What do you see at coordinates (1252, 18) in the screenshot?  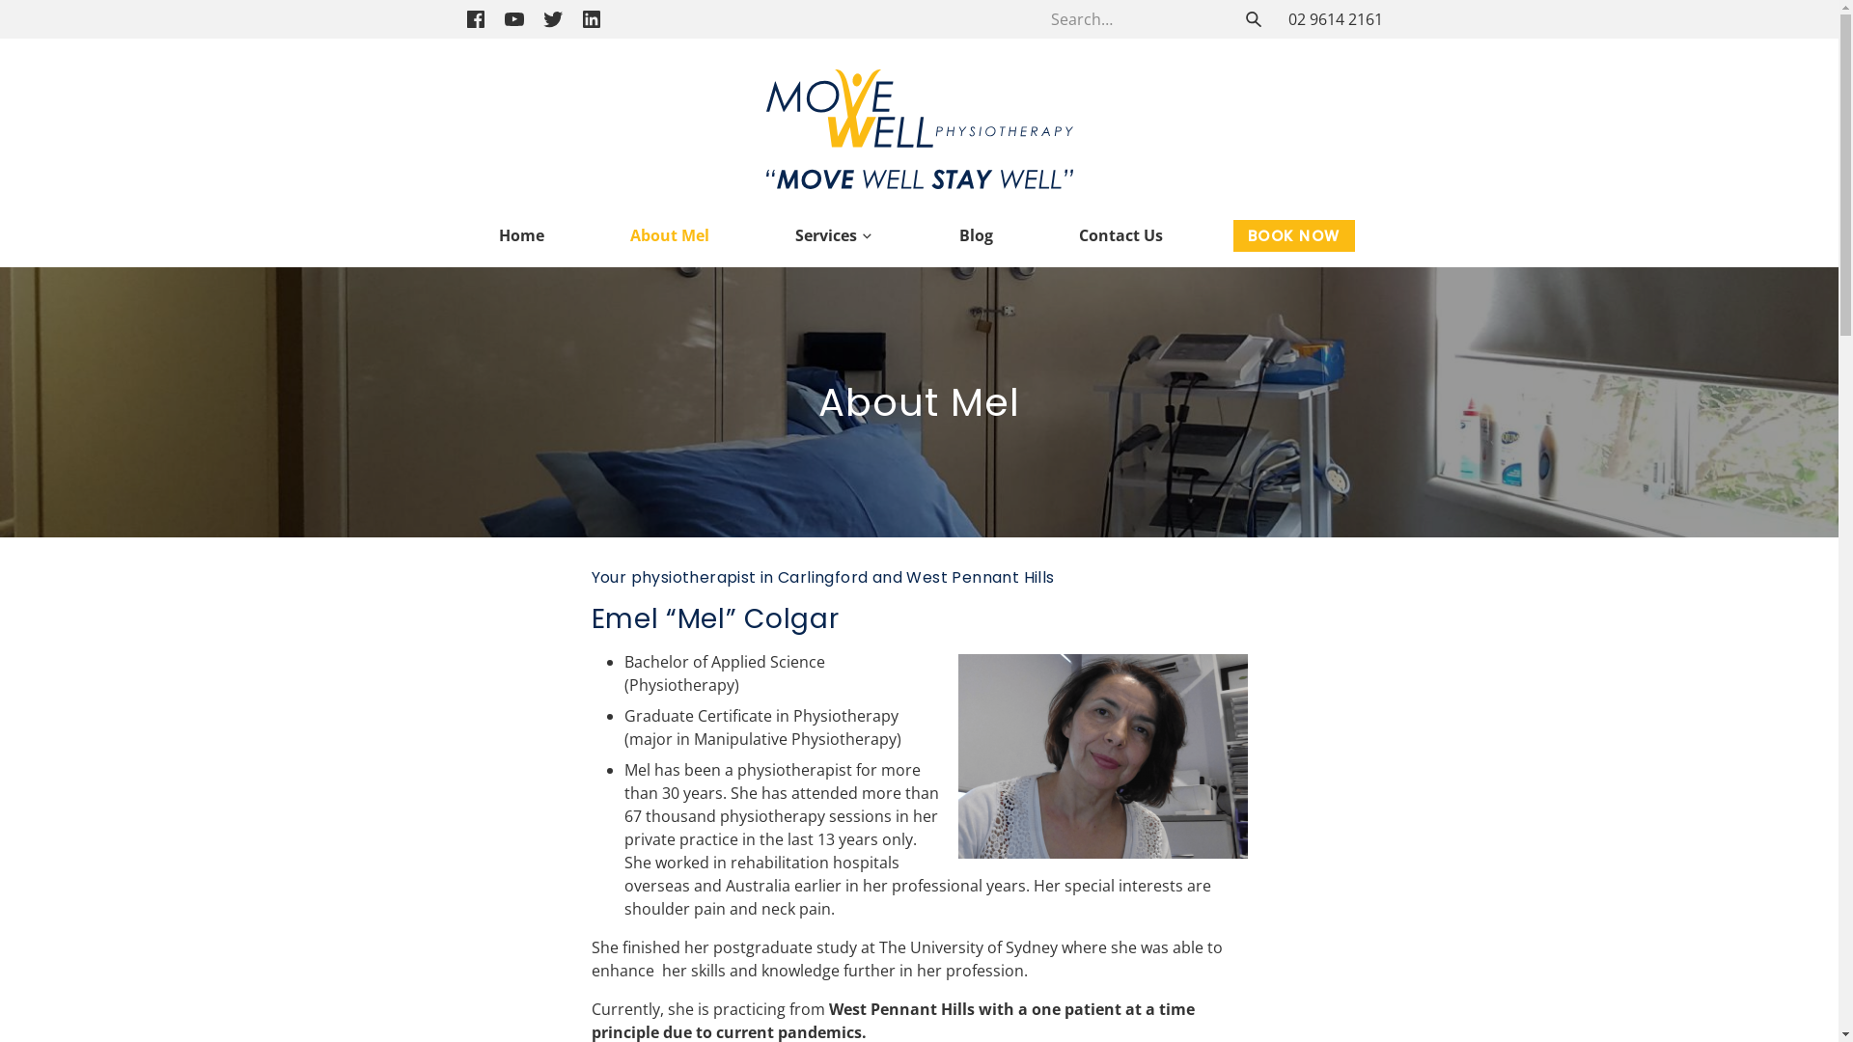 I see `'Search'` at bounding box center [1252, 18].